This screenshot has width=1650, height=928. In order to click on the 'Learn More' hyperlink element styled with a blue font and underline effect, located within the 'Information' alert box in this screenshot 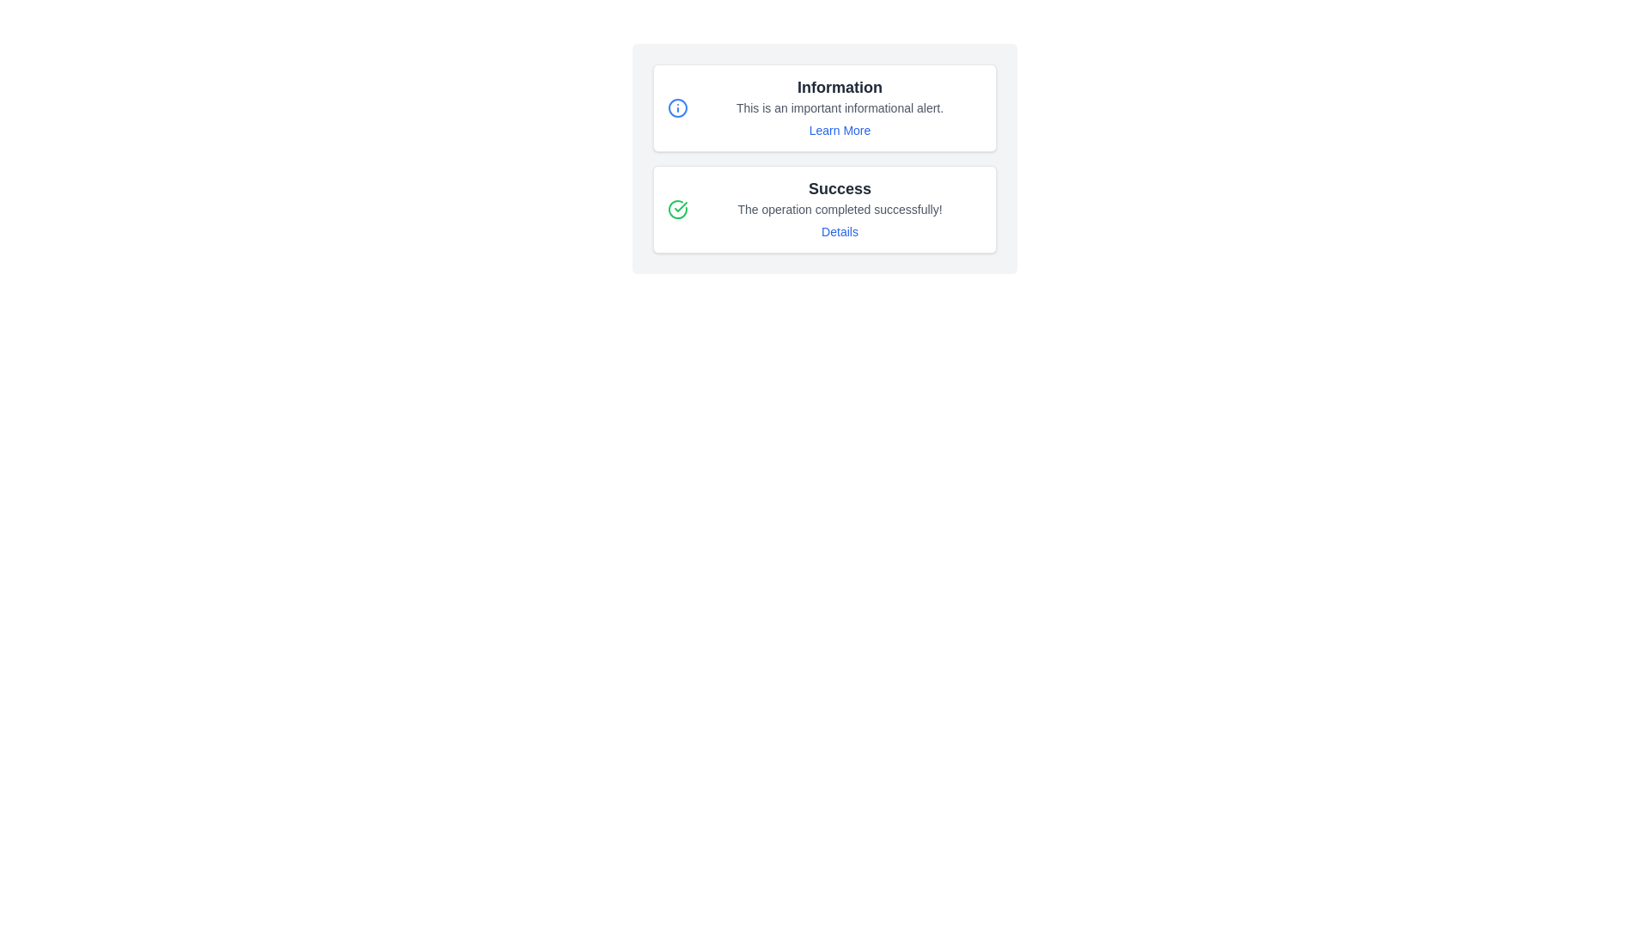, I will do `click(840, 129)`.